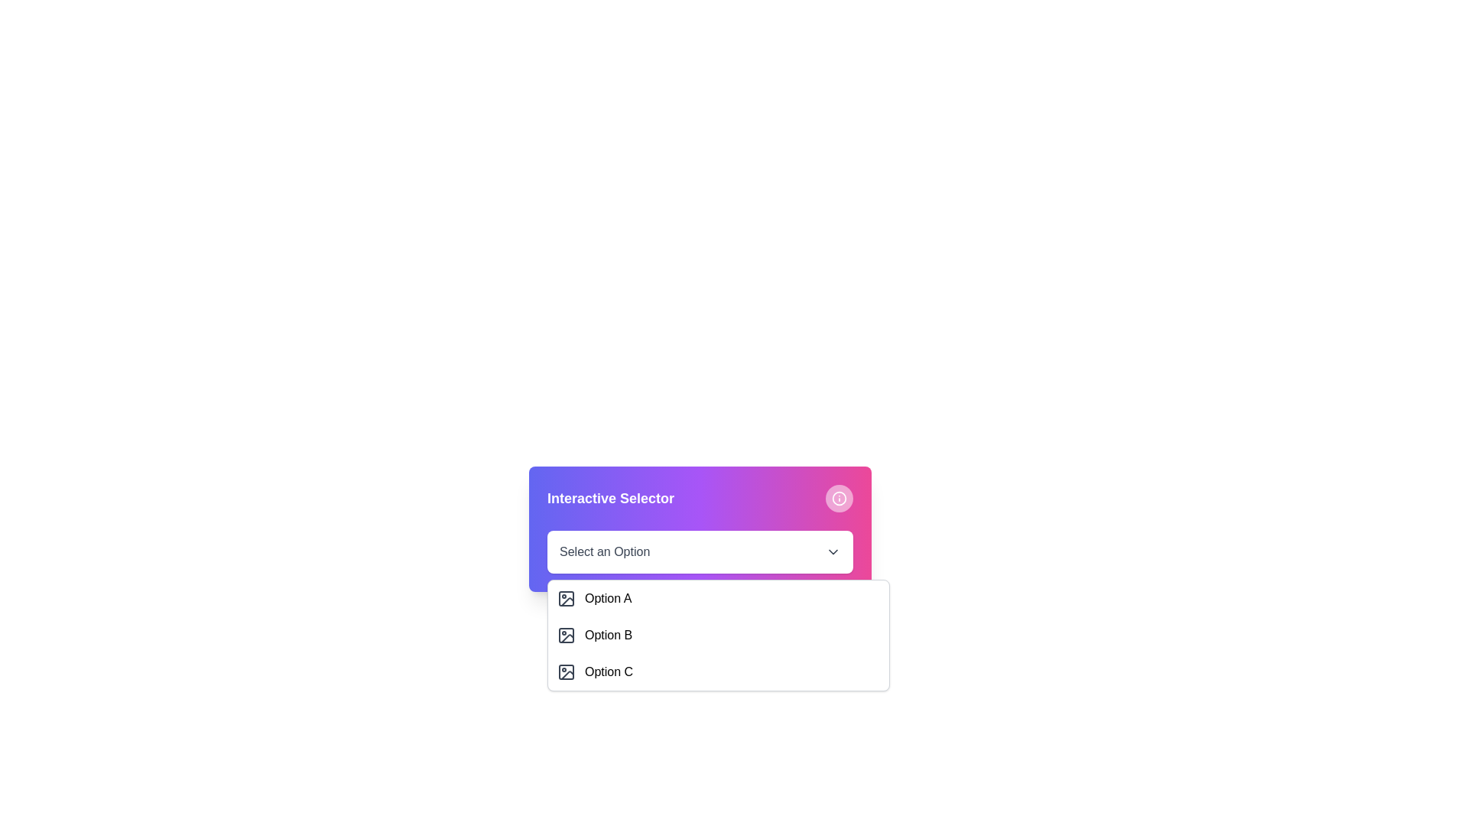  What do you see at coordinates (565, 635) in the screenshot?
I see `the SVG icon associated with the 'Option B' label in the dropdown menu` at bounding box center [565, 635].